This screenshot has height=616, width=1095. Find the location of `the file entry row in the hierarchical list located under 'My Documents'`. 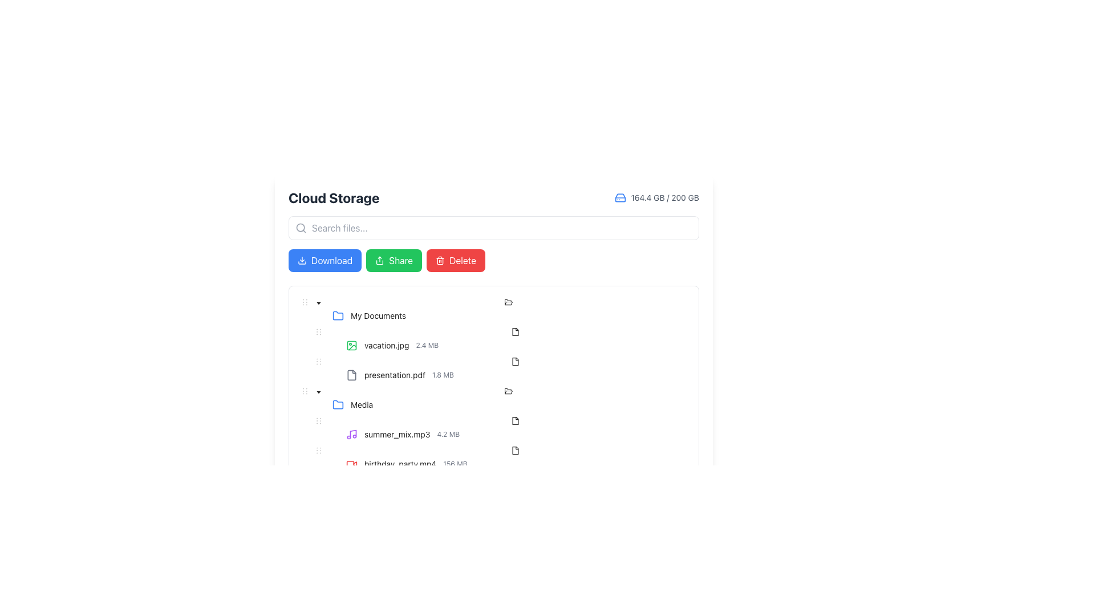

the file entry row in the hierarchical list located under 'My Documents' is located at coordinates (493, 338).